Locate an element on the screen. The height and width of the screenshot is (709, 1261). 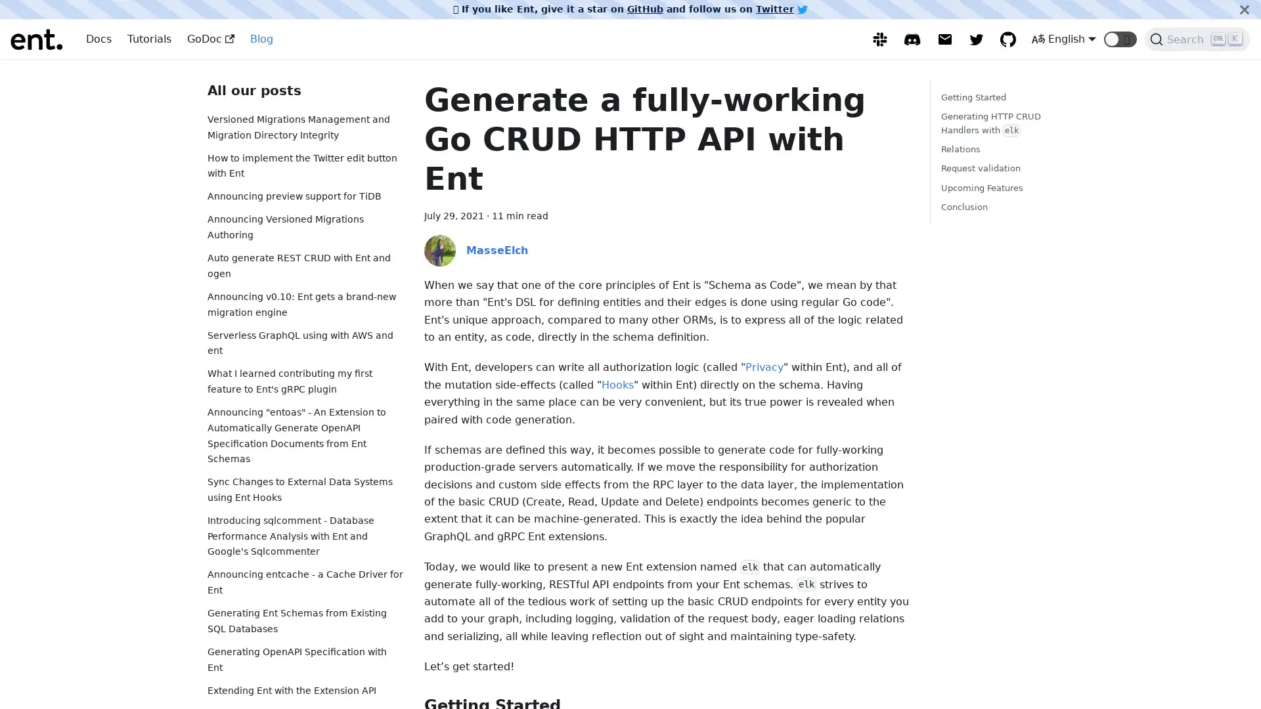
Search is located at coordinates (1197, 39).